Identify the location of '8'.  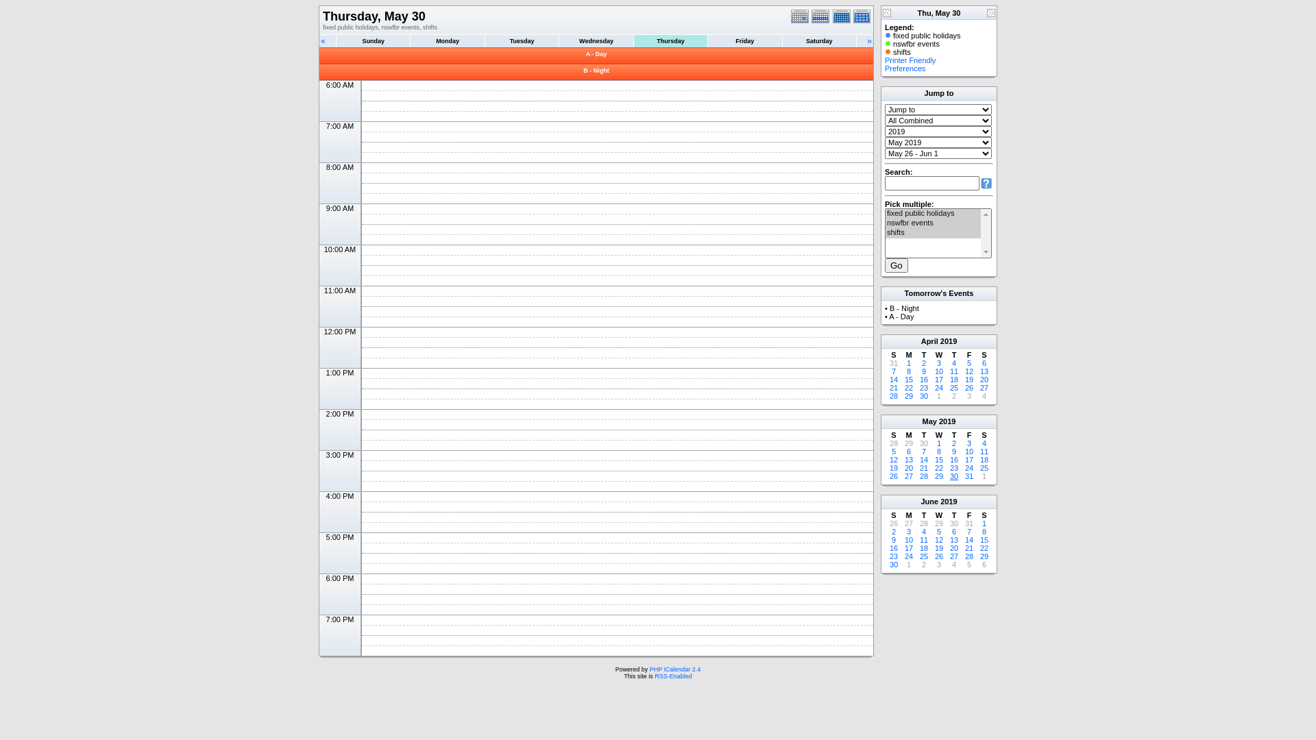
(983, 530).